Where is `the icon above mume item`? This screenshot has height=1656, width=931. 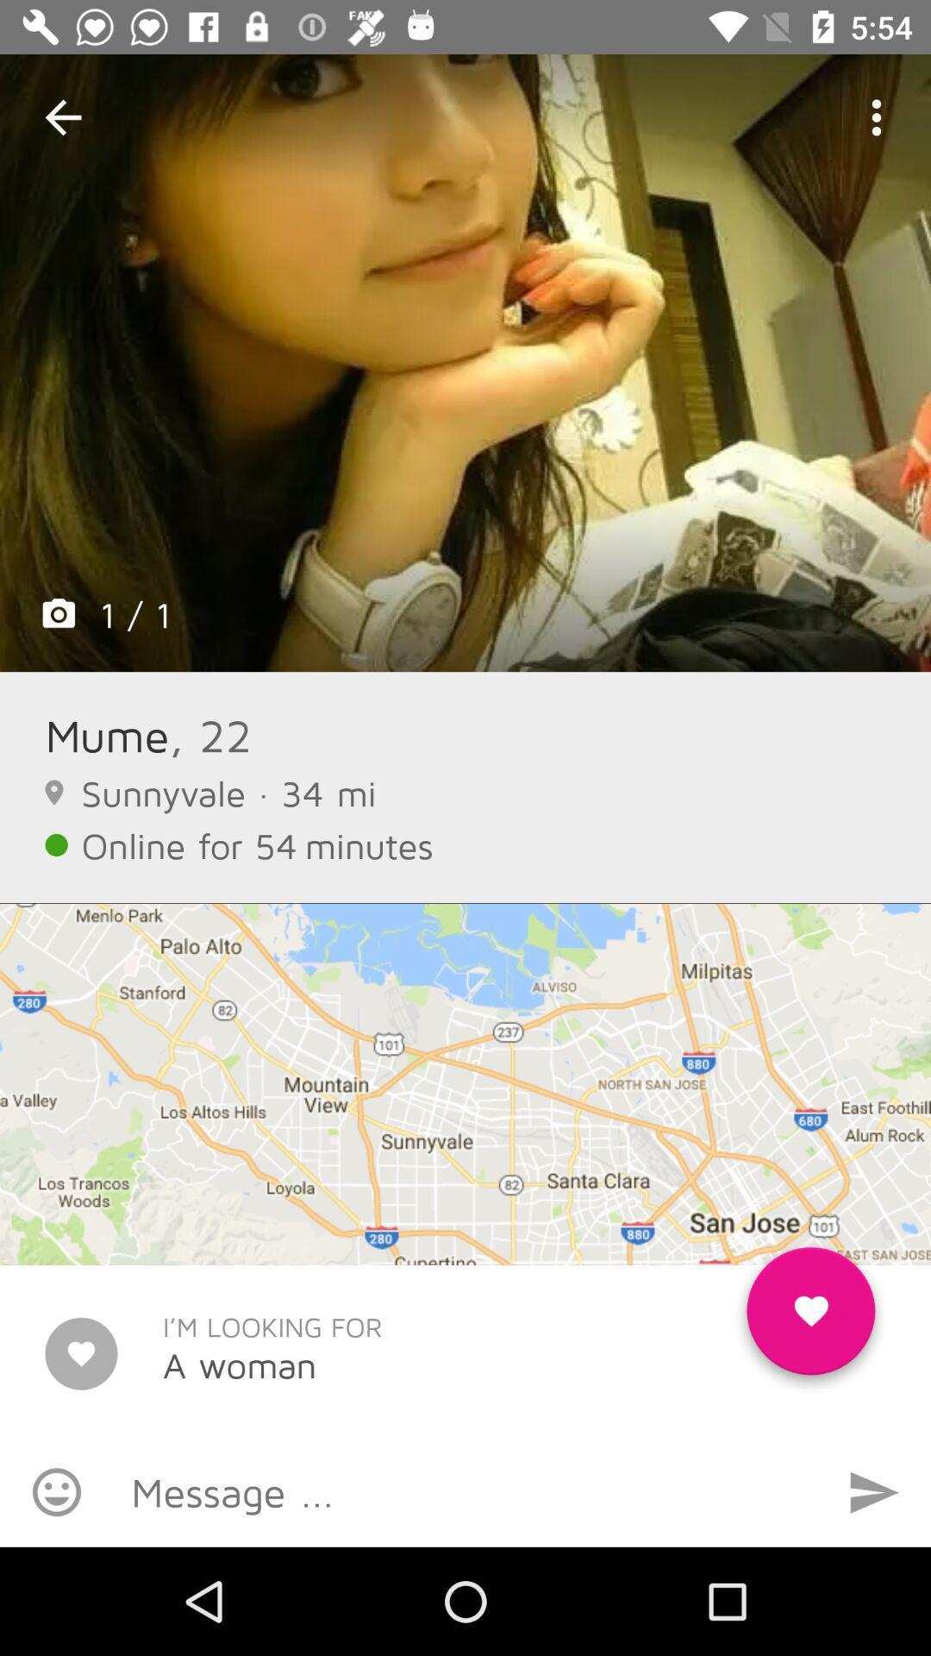
the icon above mume item is located at coordinates (465, 362).